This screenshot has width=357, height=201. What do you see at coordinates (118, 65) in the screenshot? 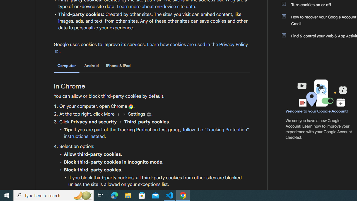
I see `'iPhone & iPad'` at bounding box center [118, 65].